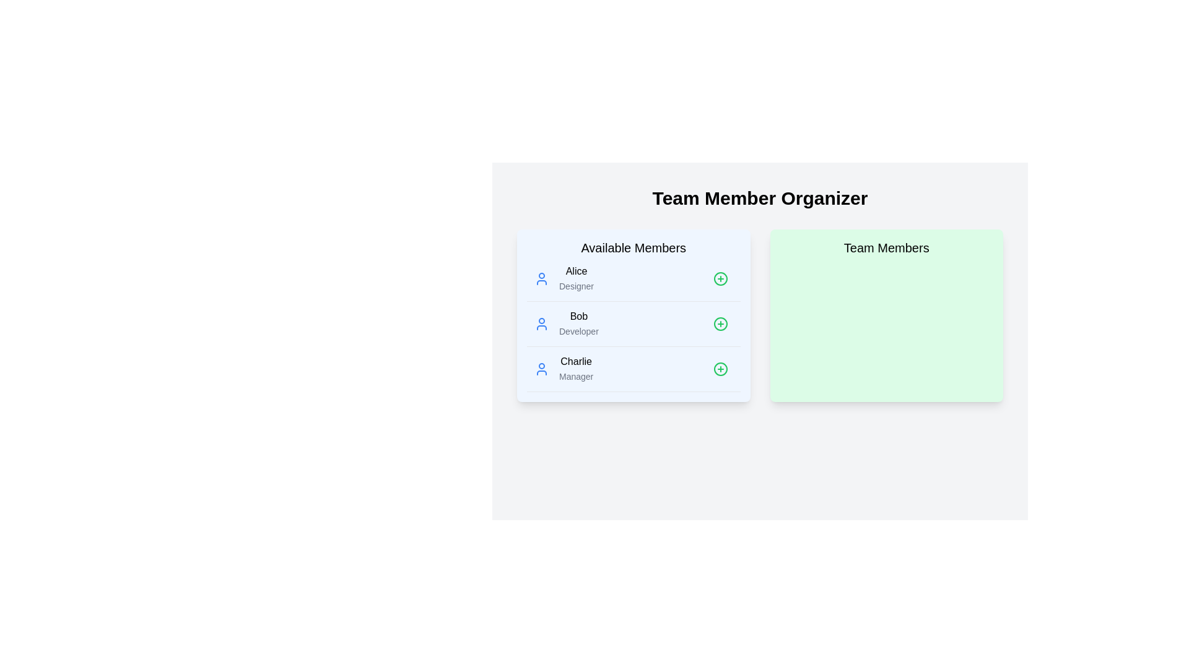  I want to click on the circular button associated with 'Alice Designer' in the 'Available Members' section, so click(720, 279).